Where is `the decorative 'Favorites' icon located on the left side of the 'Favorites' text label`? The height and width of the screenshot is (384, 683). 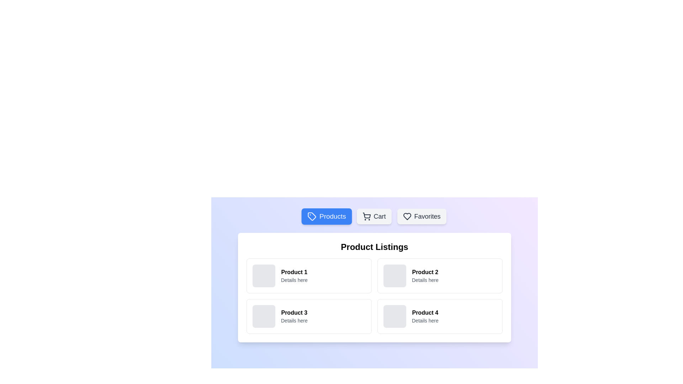
the decorative 'Favorites' icon located on the left side of the 'Favorites' text label is located at coordinates (407, 216).